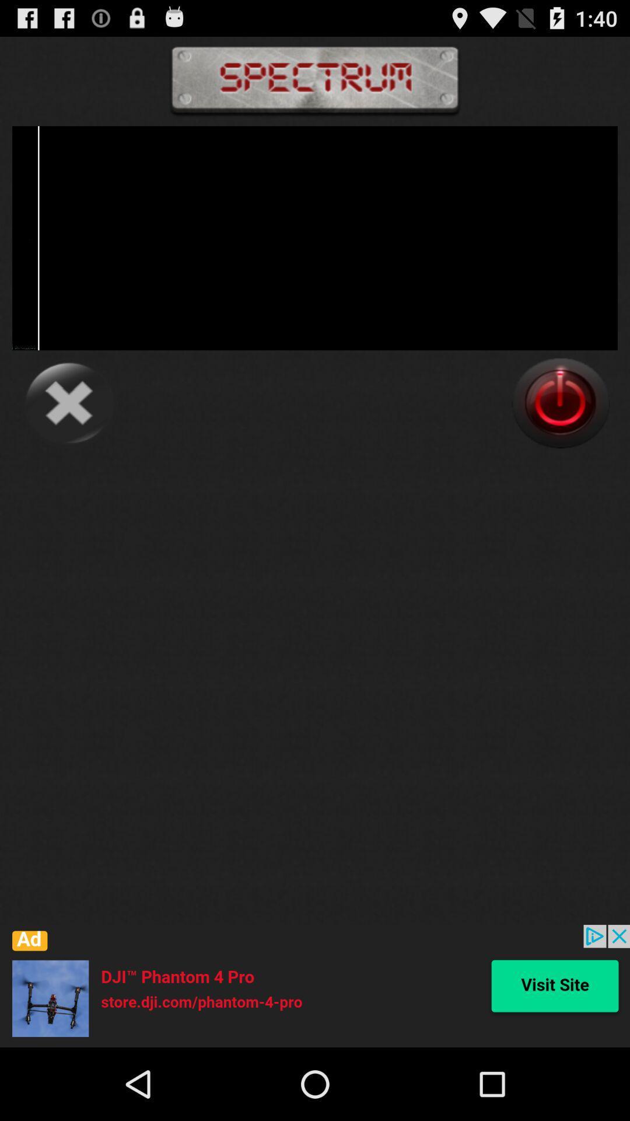  What do you see at coordinates (315, 986) in the screenshot?
I see `advertisement about drone` at bounding box center [315, 986].